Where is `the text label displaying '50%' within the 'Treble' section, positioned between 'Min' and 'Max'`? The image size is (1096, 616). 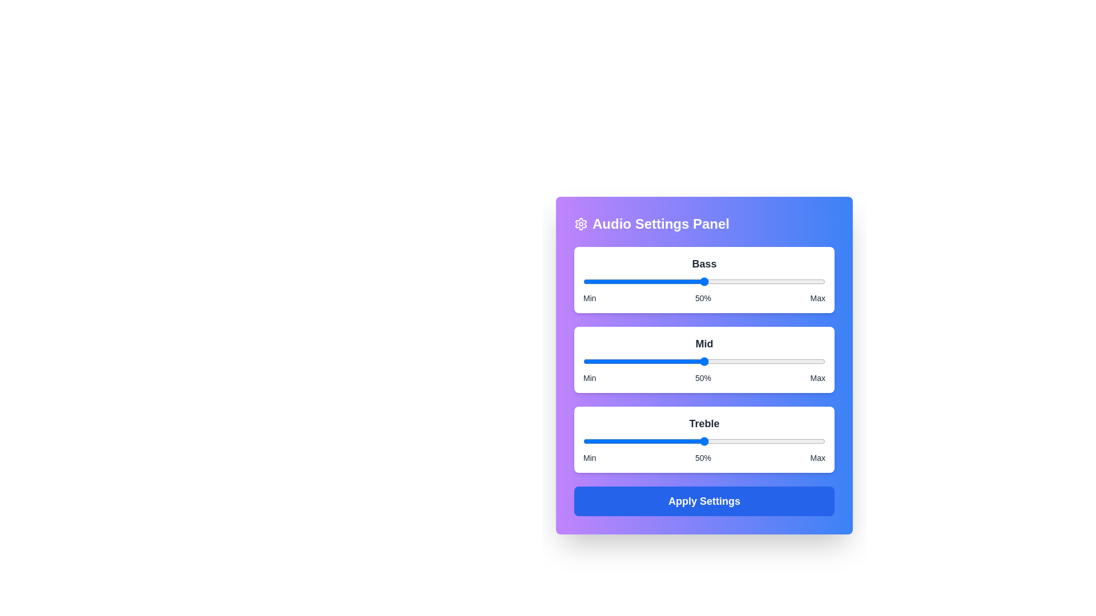 the text label displaying '50%' within the 'Treble' section, positioned between 'Min' and 'Max' is located at coordinates (703, 457).